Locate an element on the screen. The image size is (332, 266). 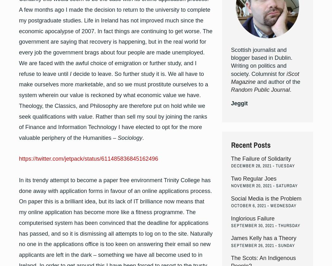
'I' is located at coordinates (70, 73).